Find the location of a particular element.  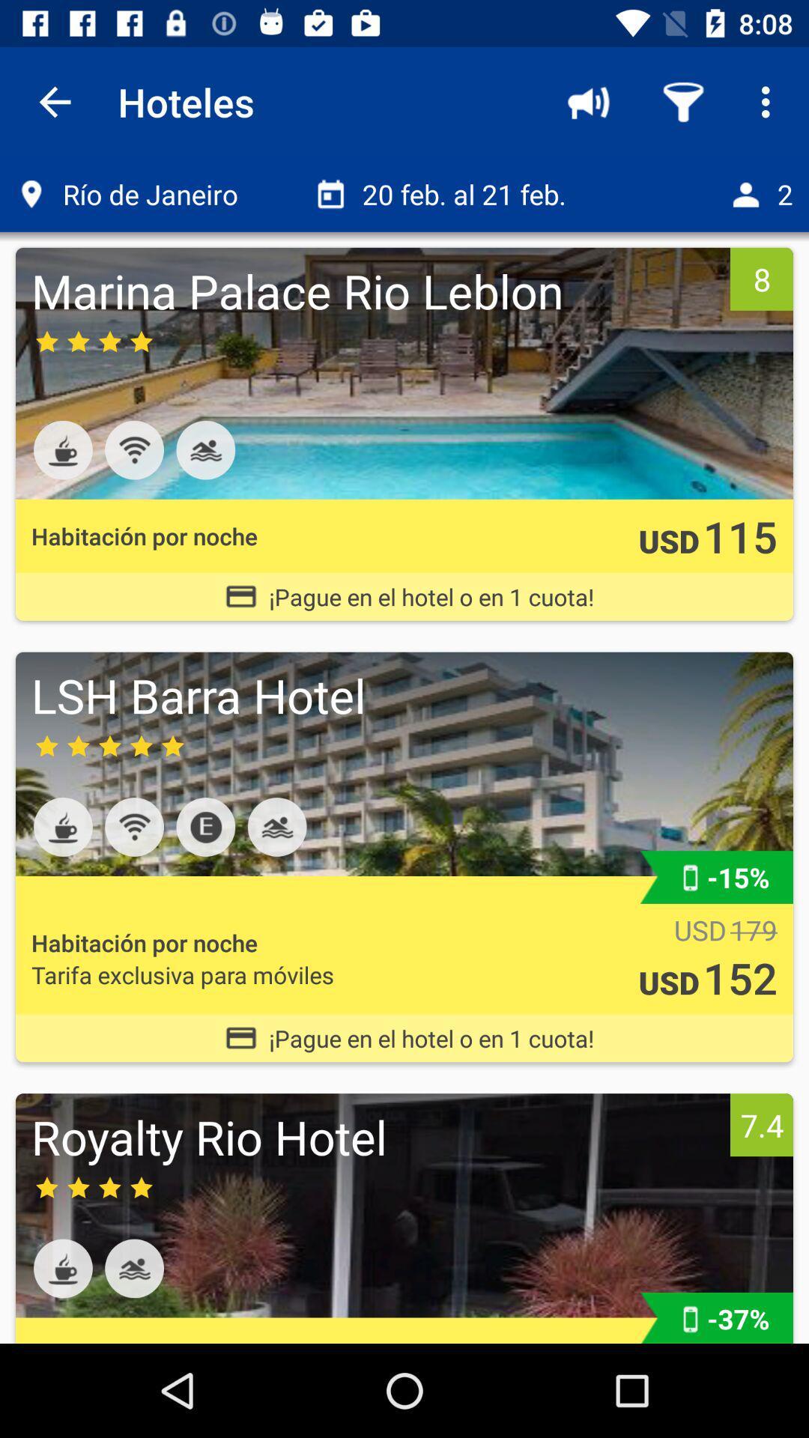

item next to hoteles app is located at coordinates (588, 101).